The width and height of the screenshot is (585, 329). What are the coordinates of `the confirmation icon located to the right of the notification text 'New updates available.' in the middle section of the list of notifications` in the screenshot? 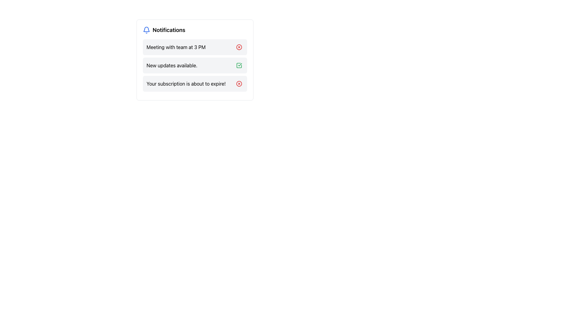 It's located at (239, 65).